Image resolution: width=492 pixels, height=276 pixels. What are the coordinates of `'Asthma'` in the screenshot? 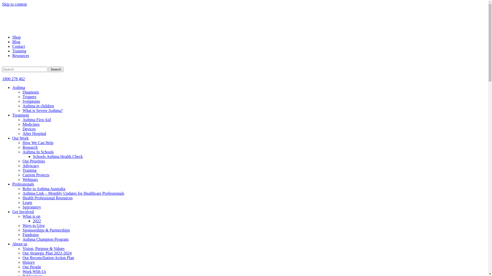 It's located at (18, 87).